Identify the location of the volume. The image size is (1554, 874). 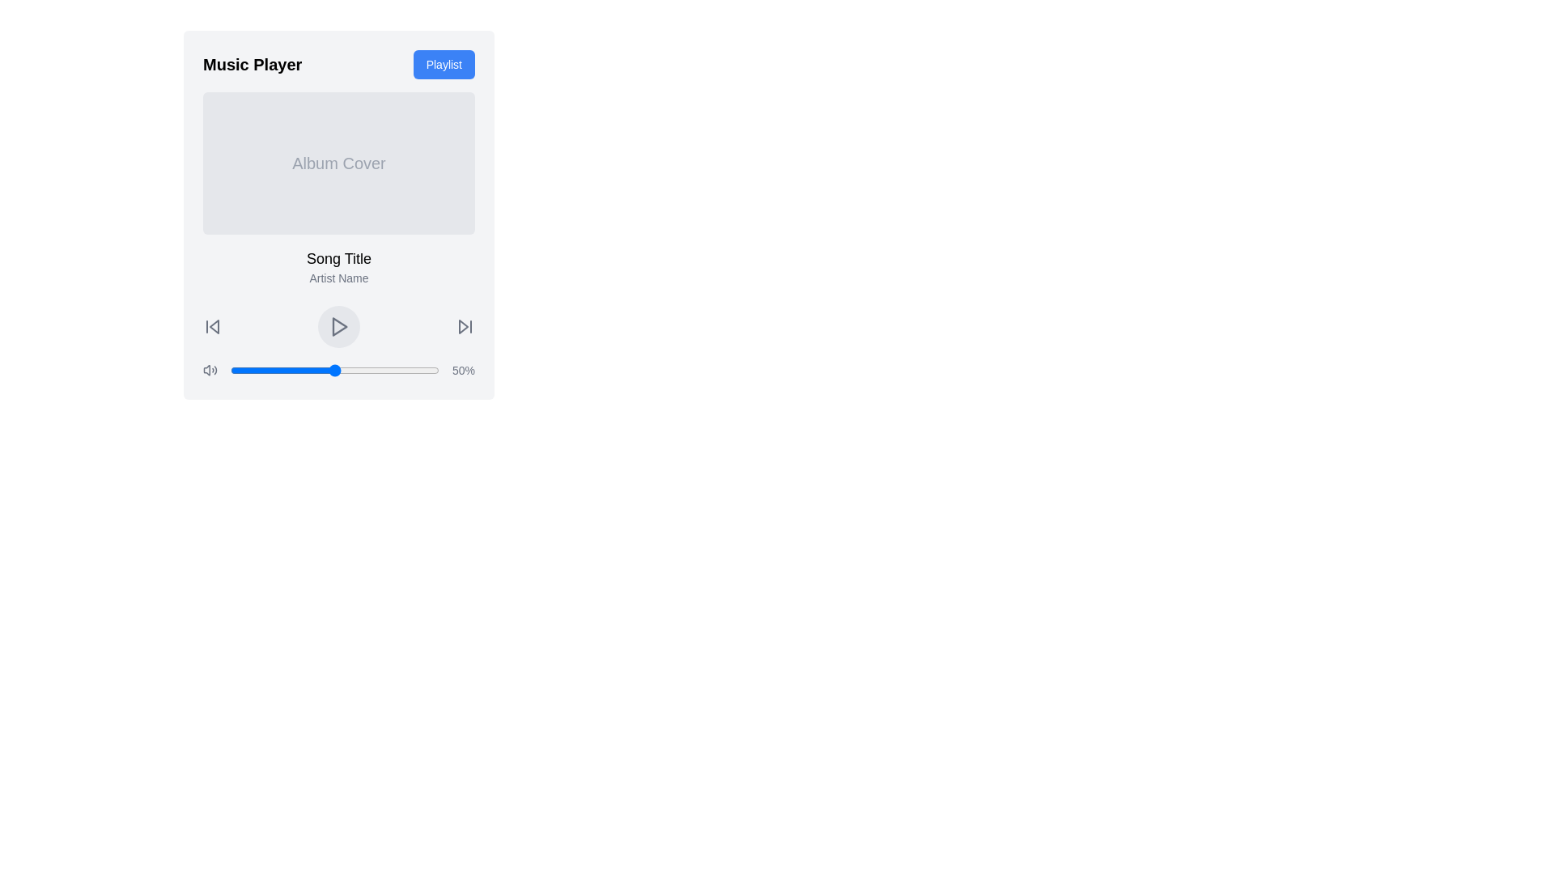
(324, 371).